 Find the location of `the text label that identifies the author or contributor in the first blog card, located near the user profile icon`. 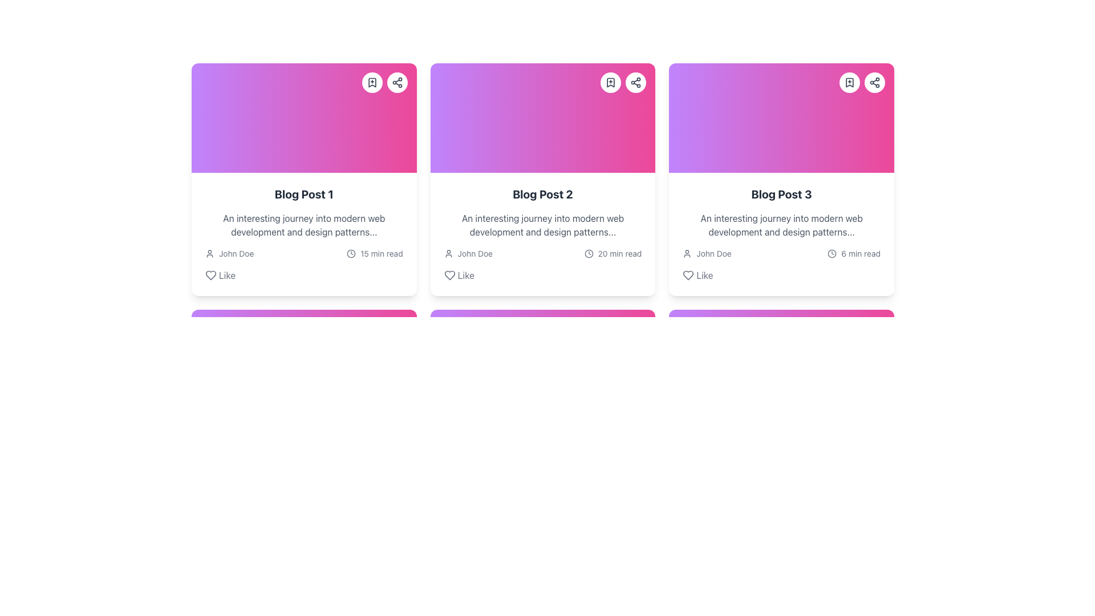

the text label that identifies the author or contributor in the first blog card, located near the user profile icon is located at coordinates (236, 253).